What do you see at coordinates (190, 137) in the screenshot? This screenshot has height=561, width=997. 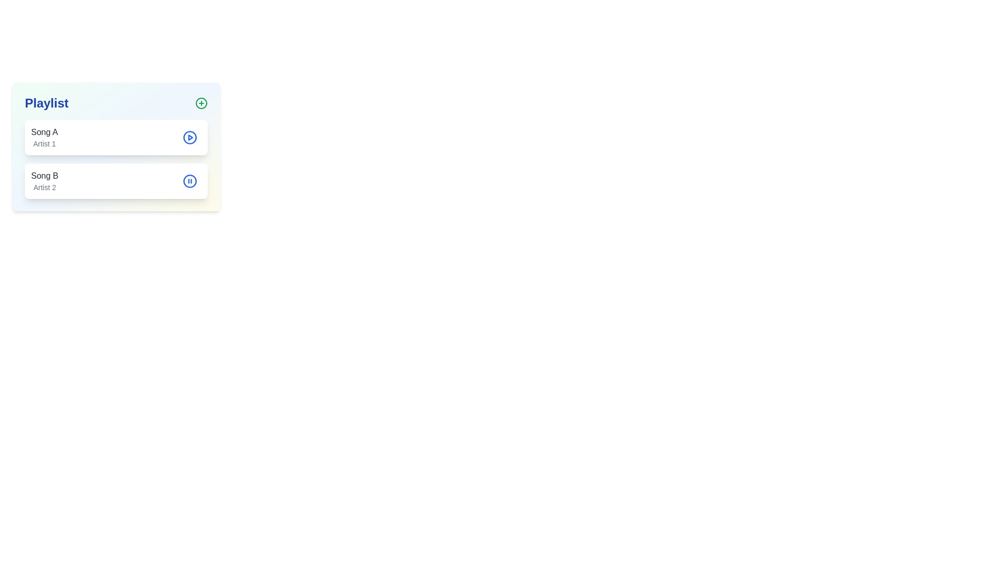 I see `the circular play button icon with a blue outline and white background, located to the right of 'Song A' in the playlist, to play the associated song` at bounding box center [190, 137].